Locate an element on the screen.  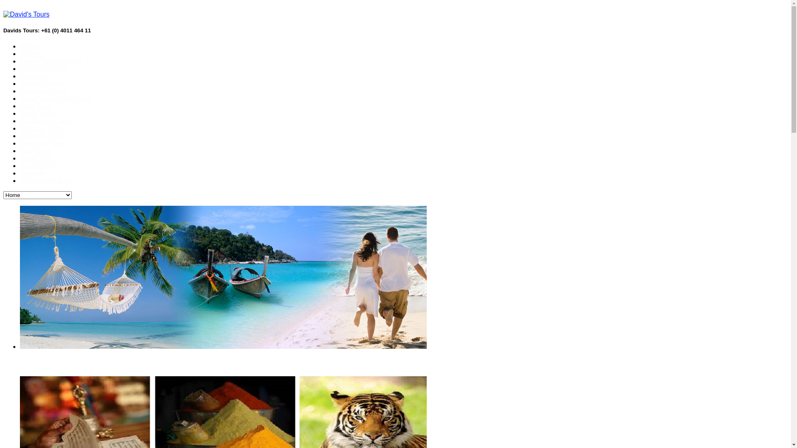
'Holi Tours' is located at coordinates (20, 76).